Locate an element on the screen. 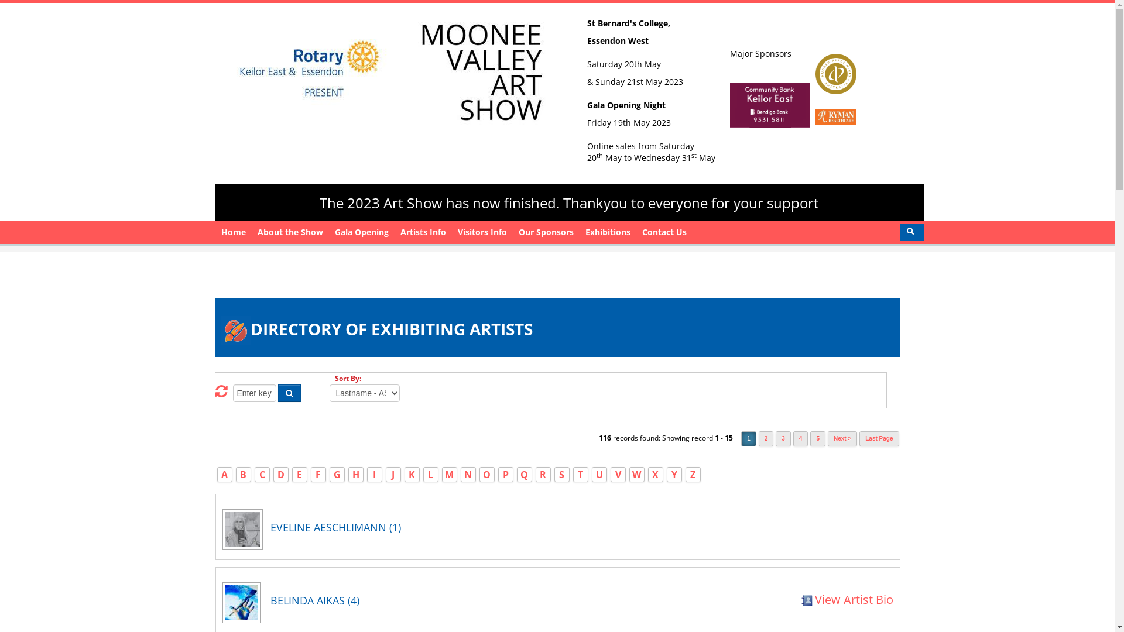 The width and height of the screenshot is (1124, 632). 'T' is located at coordinates (580, 474).